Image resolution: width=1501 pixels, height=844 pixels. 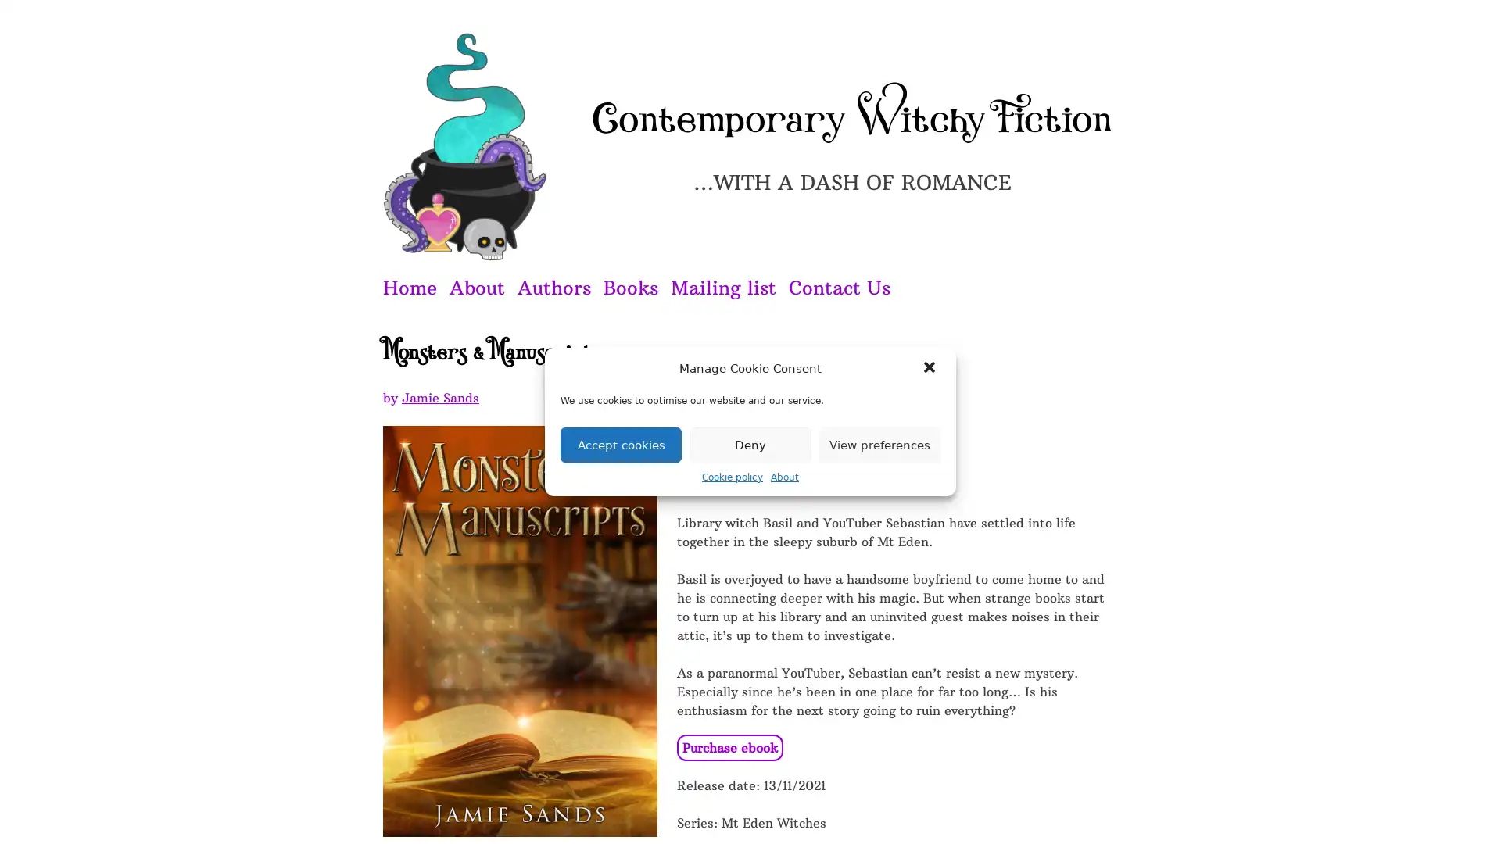 I want to click on View preferences, so click(x=879, y=445).